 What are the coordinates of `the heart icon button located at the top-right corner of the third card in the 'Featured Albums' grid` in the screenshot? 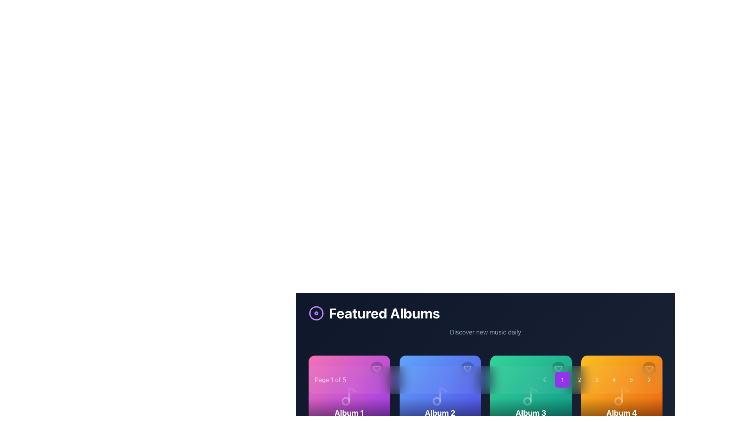 It's located at (558, 369).